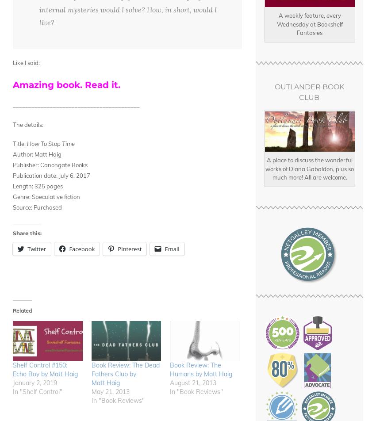  What do you see at coordinates (309, 168) in the screenshot?
I see `'A place to discuss the wonderful works of Diana Gabaldon, plus so much more! All are welcome.'` at bounding box center [309, 168].